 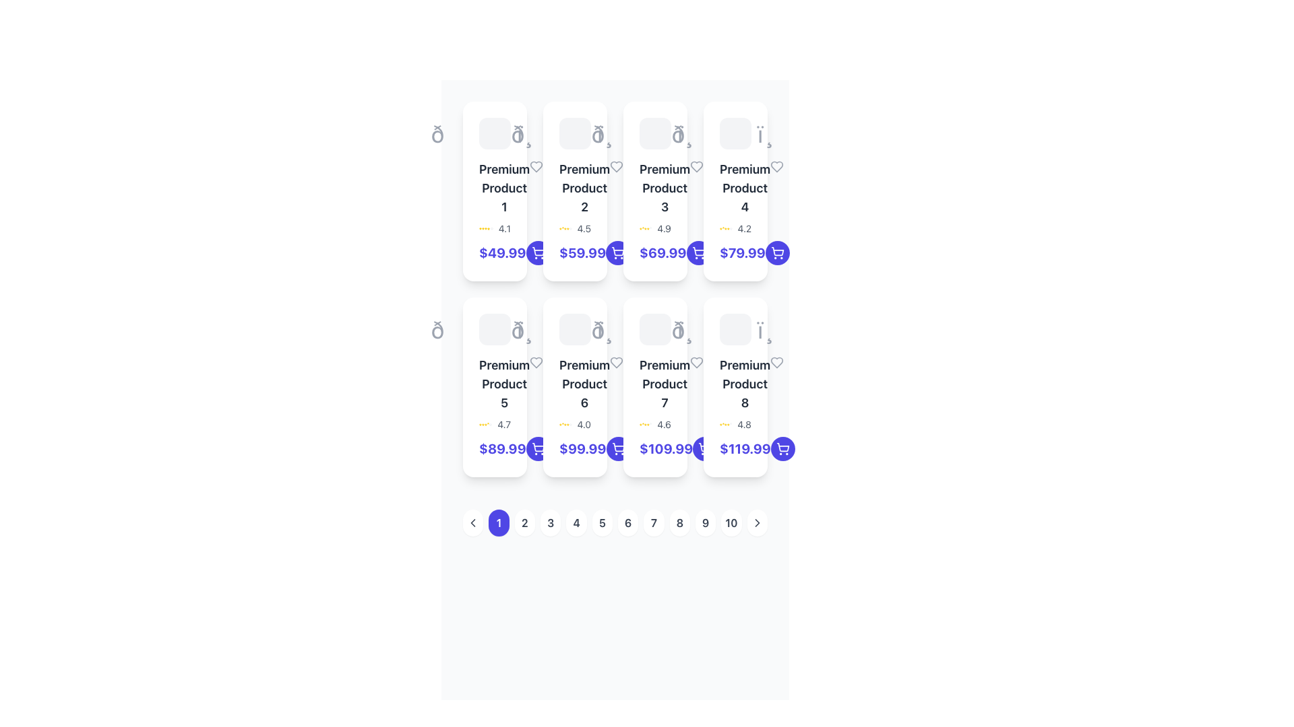 What do you see at coordinates (777, 251) in the screenshot?
I see `the shopping cart icon for 'Premium Product 4' located in the top-right corner of the product card` at bounding box center [777, 251].